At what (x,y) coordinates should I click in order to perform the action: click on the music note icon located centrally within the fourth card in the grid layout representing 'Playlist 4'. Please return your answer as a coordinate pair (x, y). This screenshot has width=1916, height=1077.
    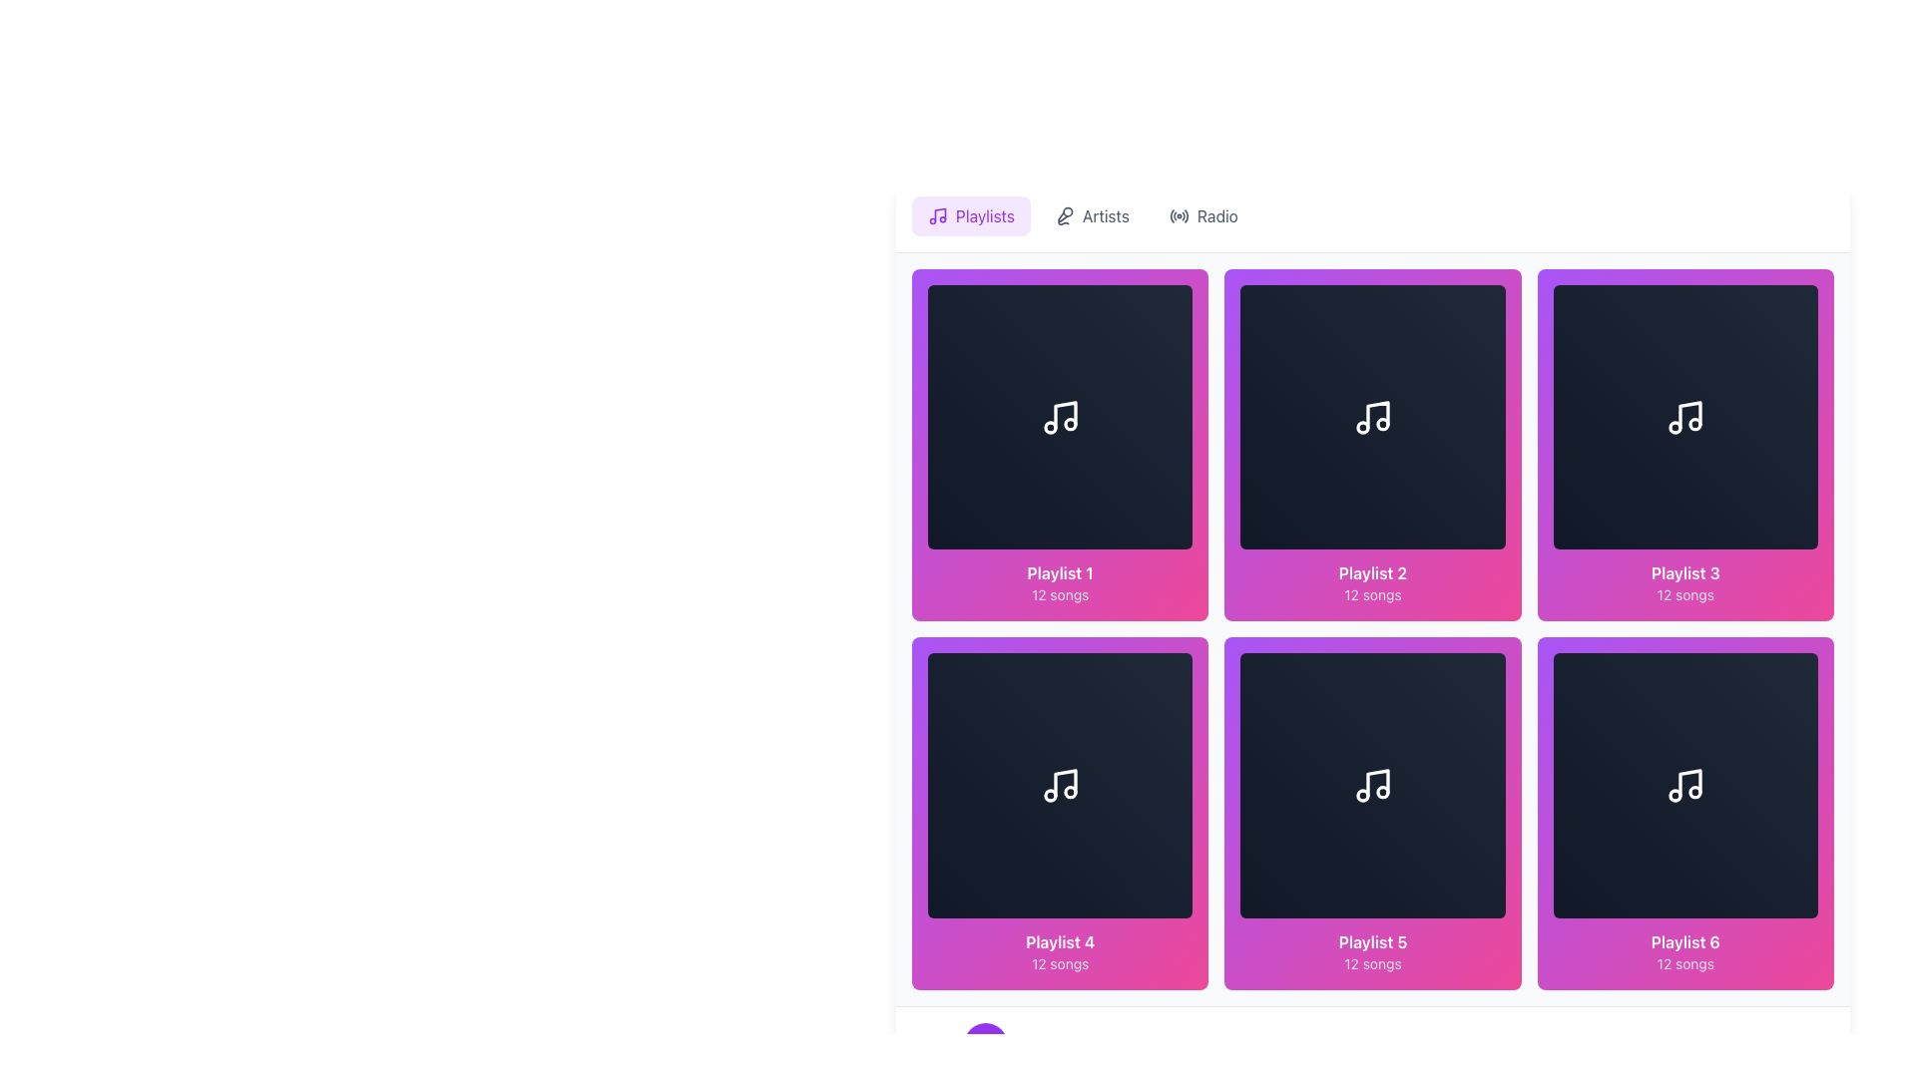
    Looking at the image, I should click on (1064, 782).